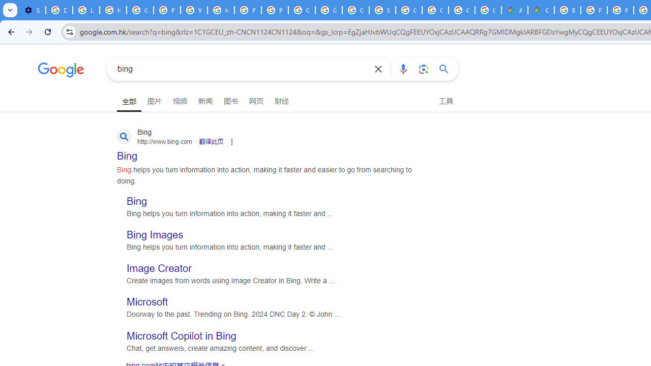  What do you see at coordinates (147, 301) in the screenshot?
I see `'Microsoft'` at bounding box center [147, 301].